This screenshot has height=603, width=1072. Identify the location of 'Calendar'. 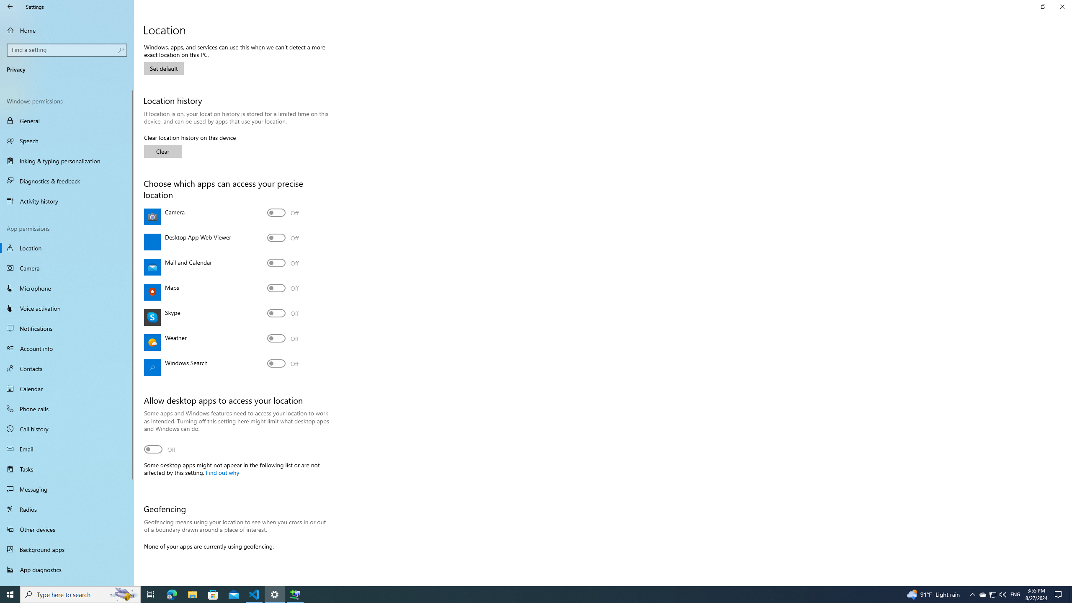
(67, 388).